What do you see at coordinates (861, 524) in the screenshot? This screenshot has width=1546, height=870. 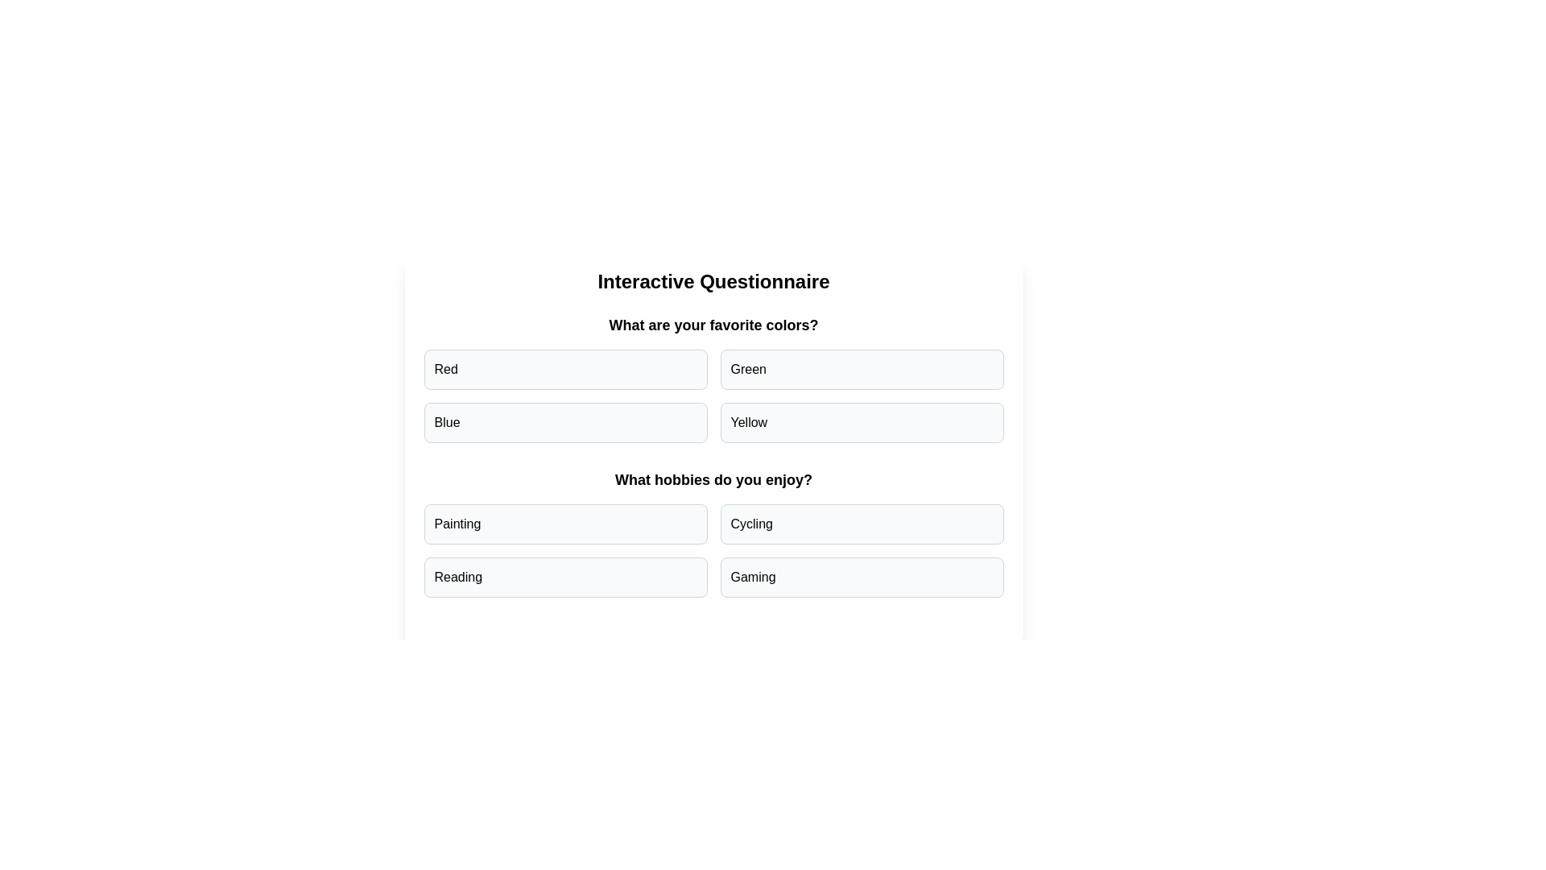 I see `the answer option Cycling for the question What hobbies do you enjoy?` at bounding box center [861, 524].